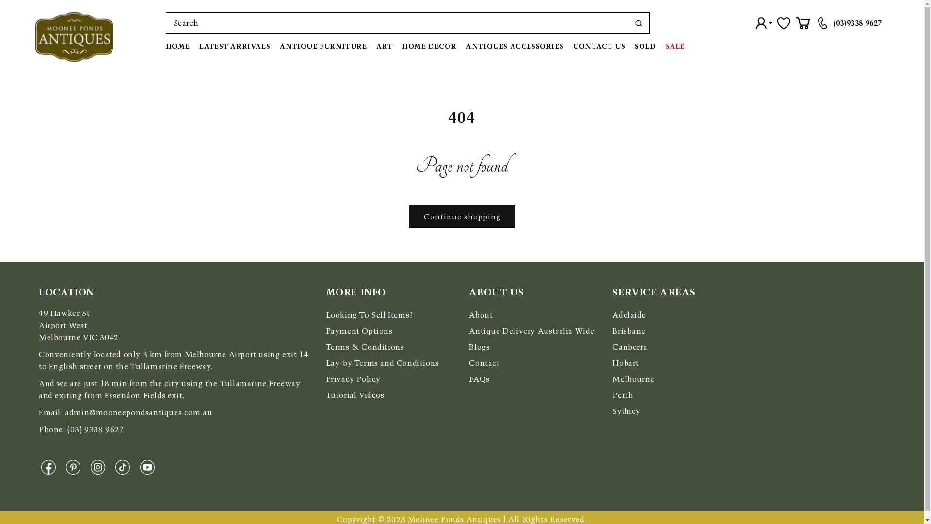  I want to click on 'Melbourne', so click(633, 378).